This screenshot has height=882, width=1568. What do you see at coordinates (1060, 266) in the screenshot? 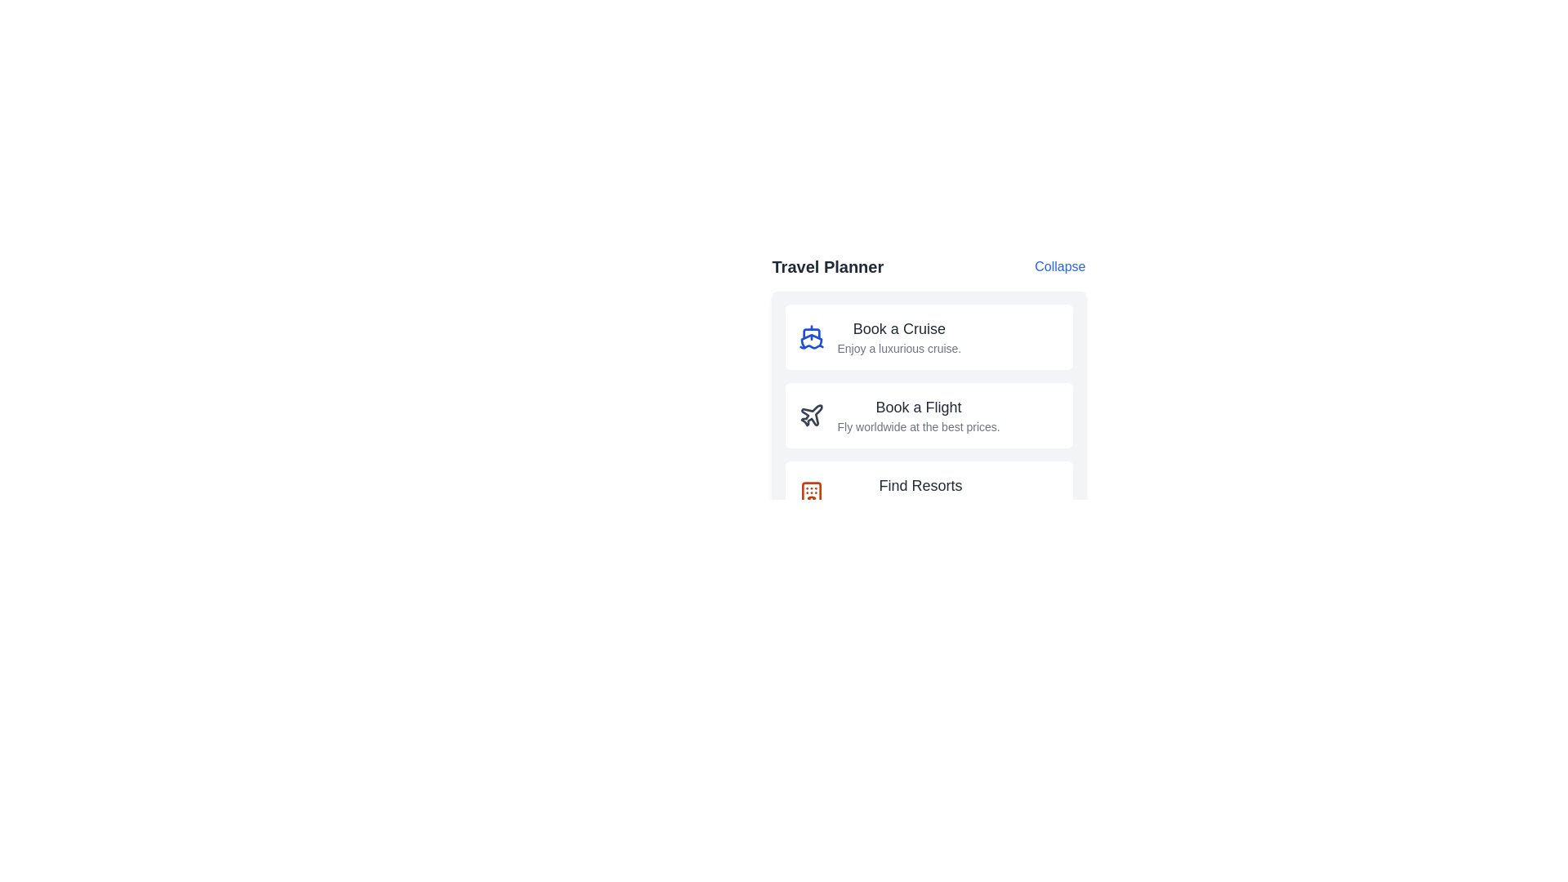
I see `the interactive text button located at the top-right corner of the 'Travel Planner' header` at bounding box center [1060, 266].